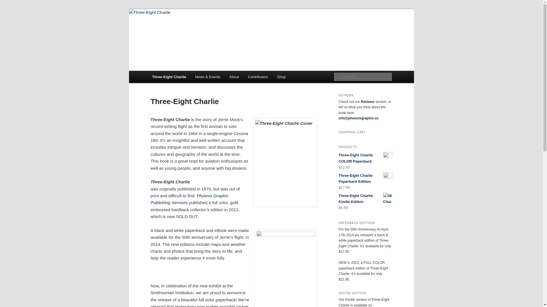 The image size is (547, 307). Describe the element at coordinates (272, 77) in the screenshot. I see `'Shop'` at that location.